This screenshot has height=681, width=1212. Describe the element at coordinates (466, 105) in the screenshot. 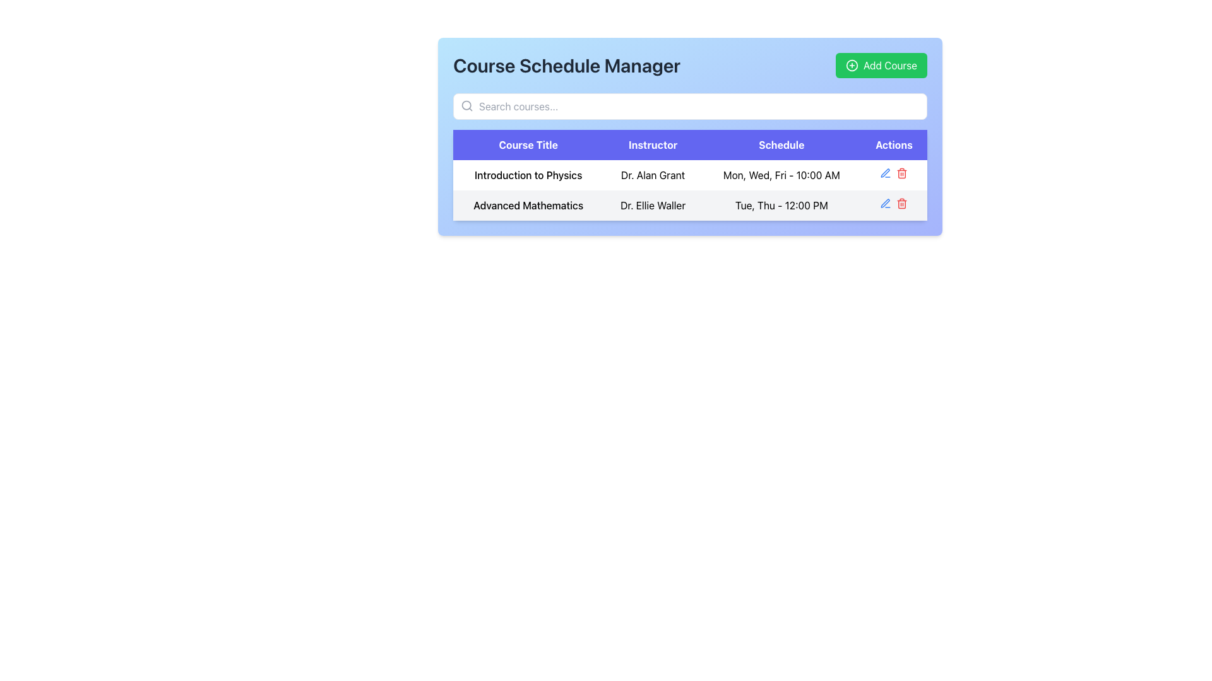

I see `the decorative SVG circle within the magnifying glass shape of the search icon located on the left side of the search bar at the top of the interface` at that location.